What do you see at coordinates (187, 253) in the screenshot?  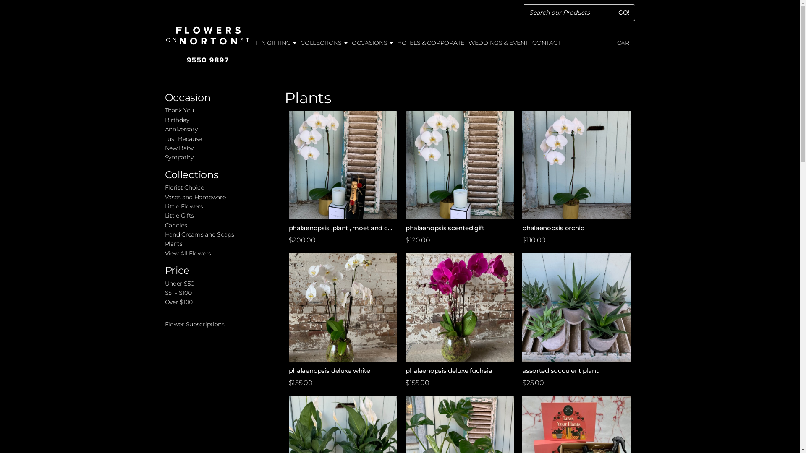 I see `'View All Flowers'` at bounding box center [187, 253].